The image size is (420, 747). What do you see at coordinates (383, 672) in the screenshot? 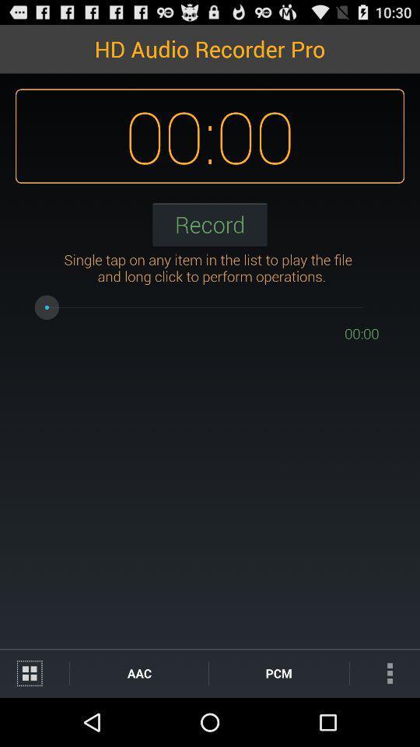
I see `item at the bottom right corner` at bounding box center [383, 672].